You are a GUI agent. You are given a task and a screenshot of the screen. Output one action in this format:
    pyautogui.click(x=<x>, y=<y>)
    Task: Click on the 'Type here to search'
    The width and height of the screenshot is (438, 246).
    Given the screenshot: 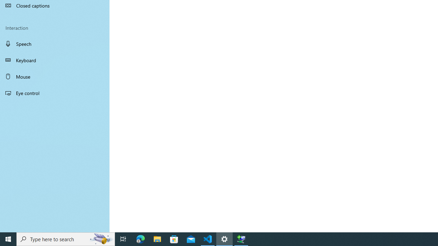 What is the action you would take?
    pyautogui.click(x=66, y=238)
    